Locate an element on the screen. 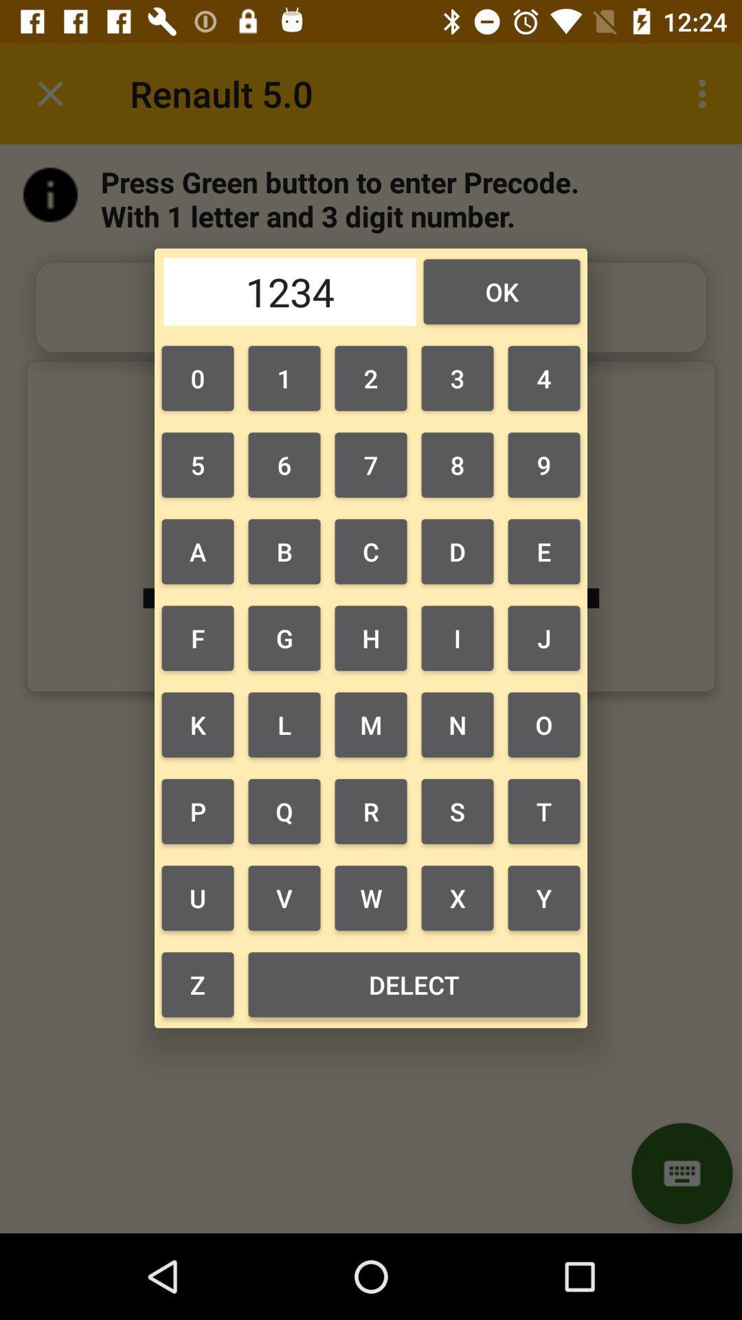  button next to h item is located at coordinates (283, 724).